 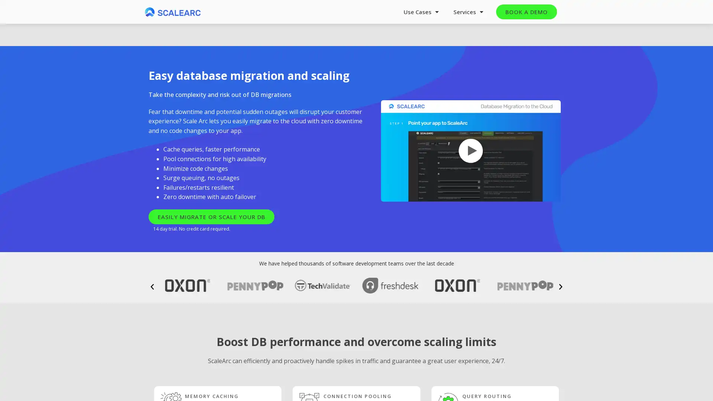 I want to click on Next, so click(x=660, y=390).